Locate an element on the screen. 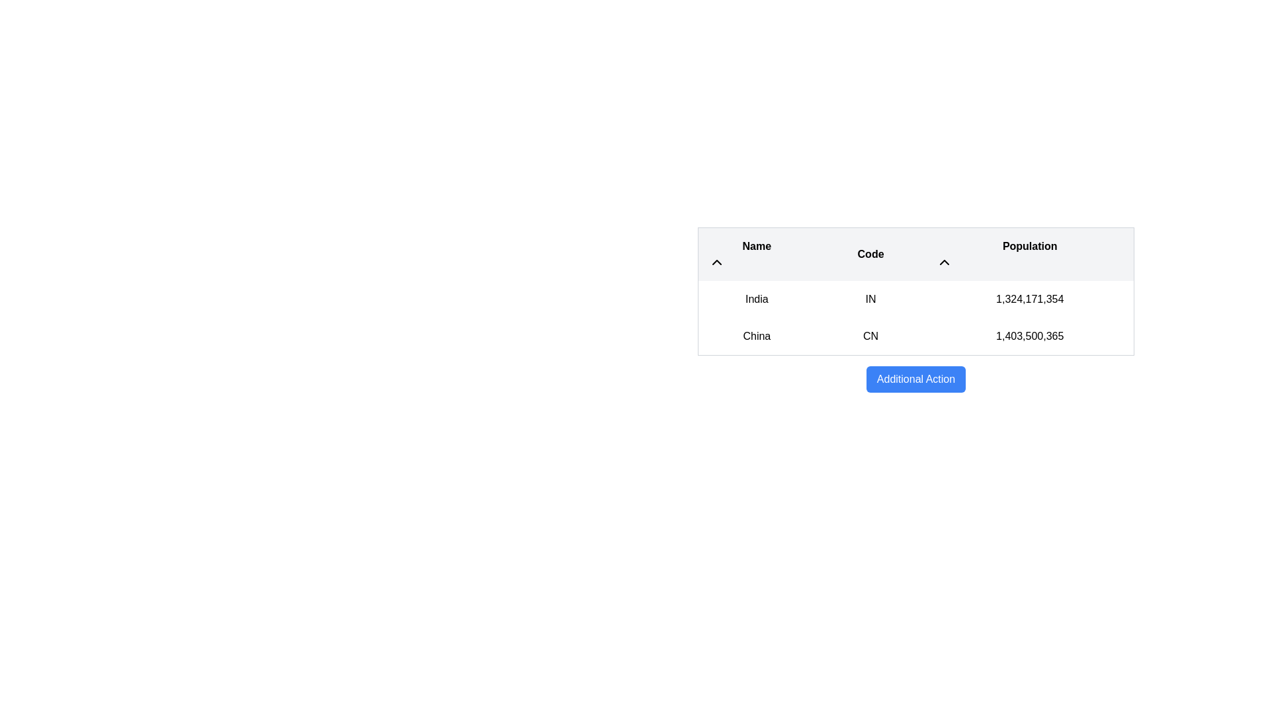 This screenshot has height=714, width=1270. the 'Population' sortable column header to sort the column is located at coordinates (1029, 254).